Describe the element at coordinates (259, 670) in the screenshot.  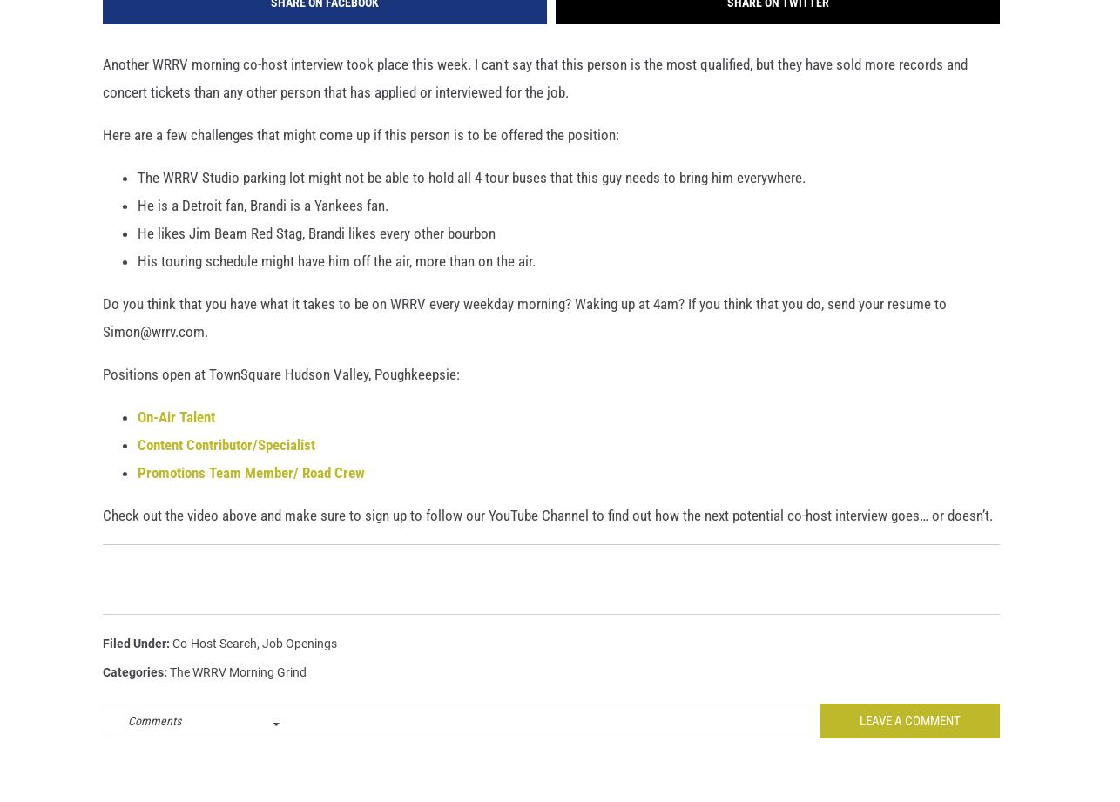
I see `','` at that location.